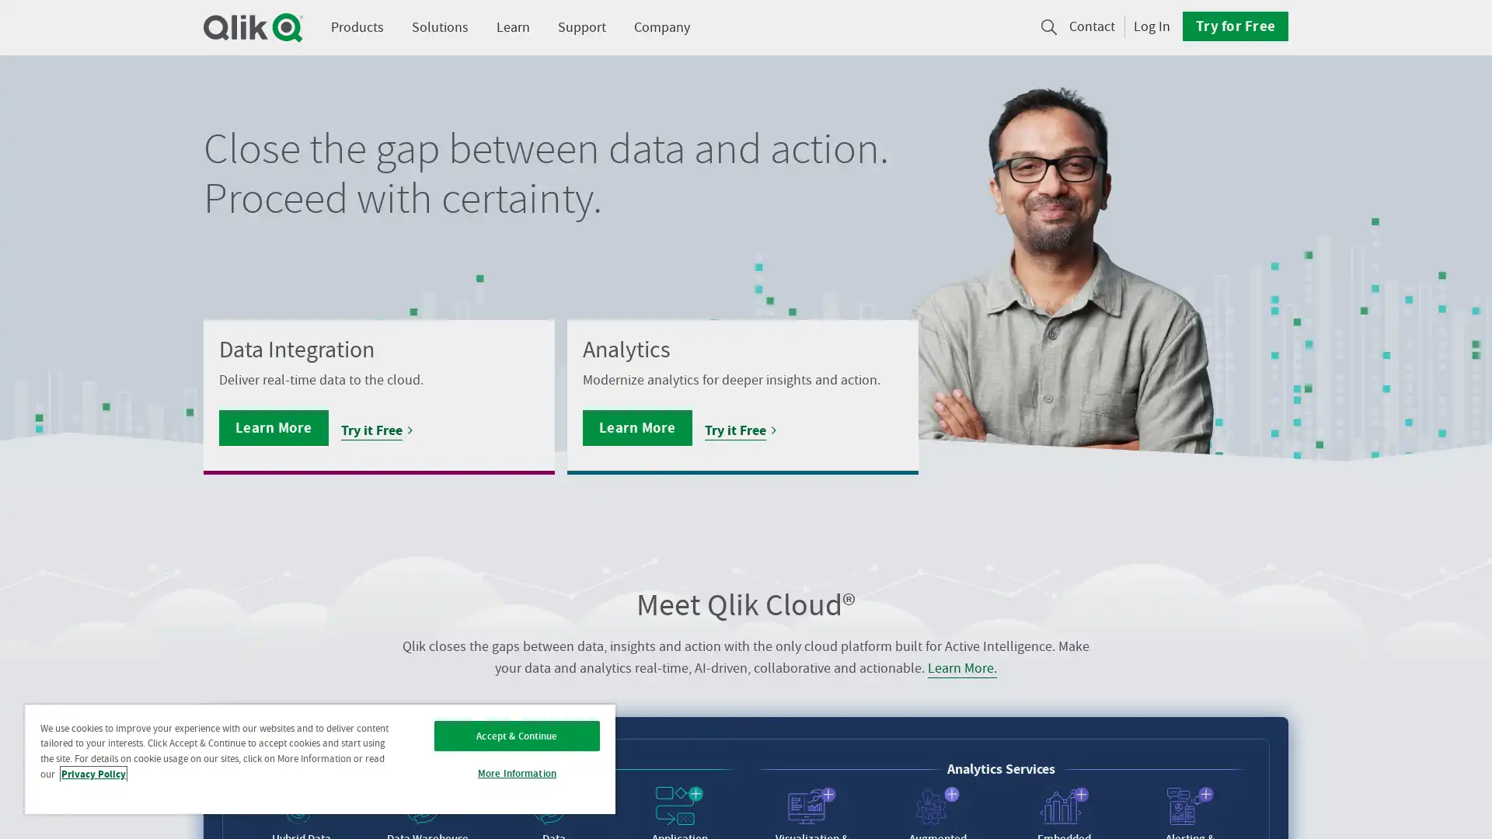 The height and width of the screenshot is (839, 1492). Describe the element at coordinates (516, 773) in the screenshot. I see `More Information` at that location.